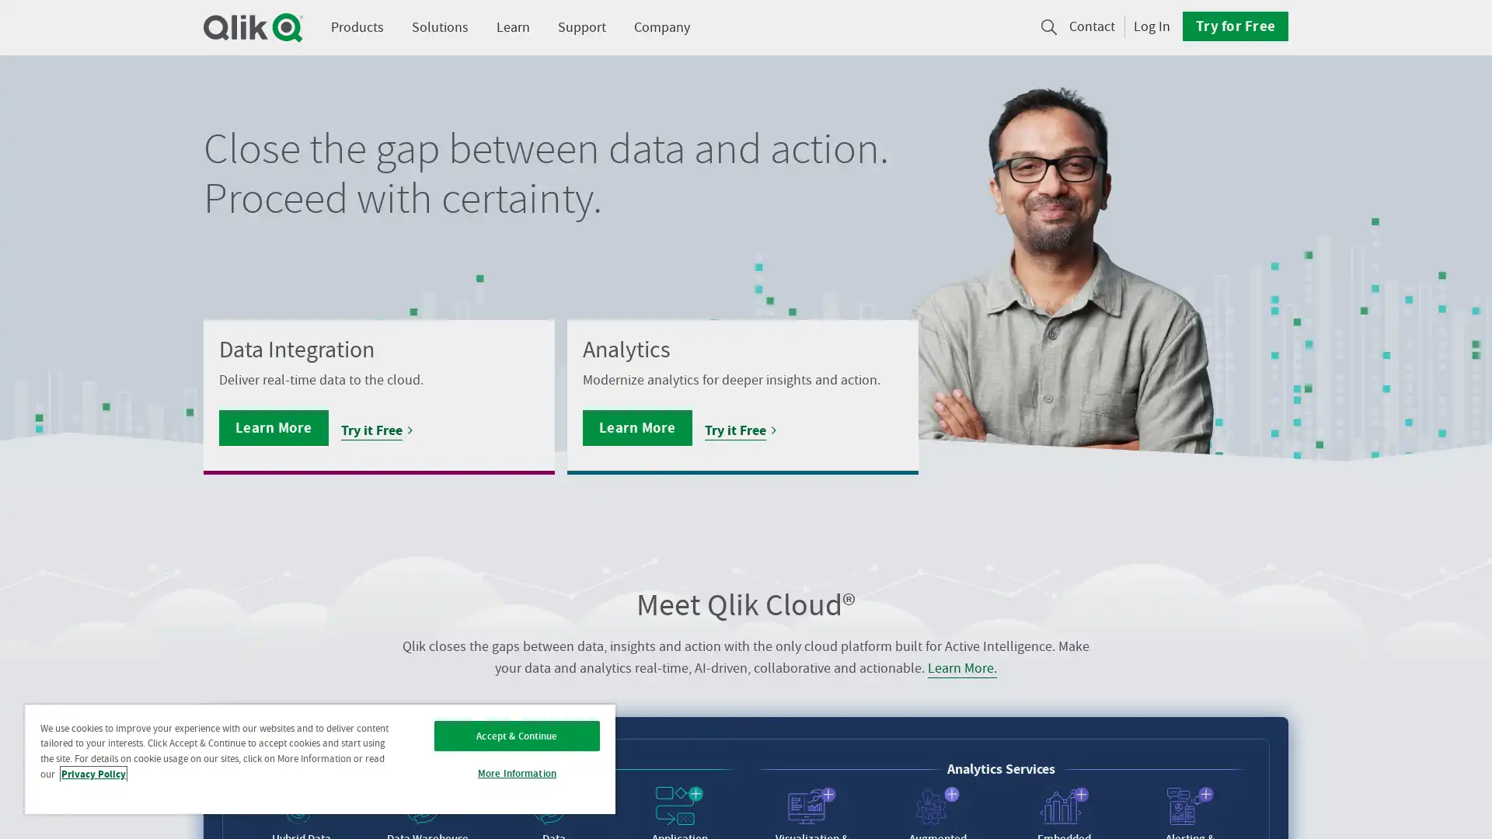 The height and width of the screenshot is (839, 1492). Describe the element at coordinates (516, 773) in the screenshot. I see `More Information` at that location.